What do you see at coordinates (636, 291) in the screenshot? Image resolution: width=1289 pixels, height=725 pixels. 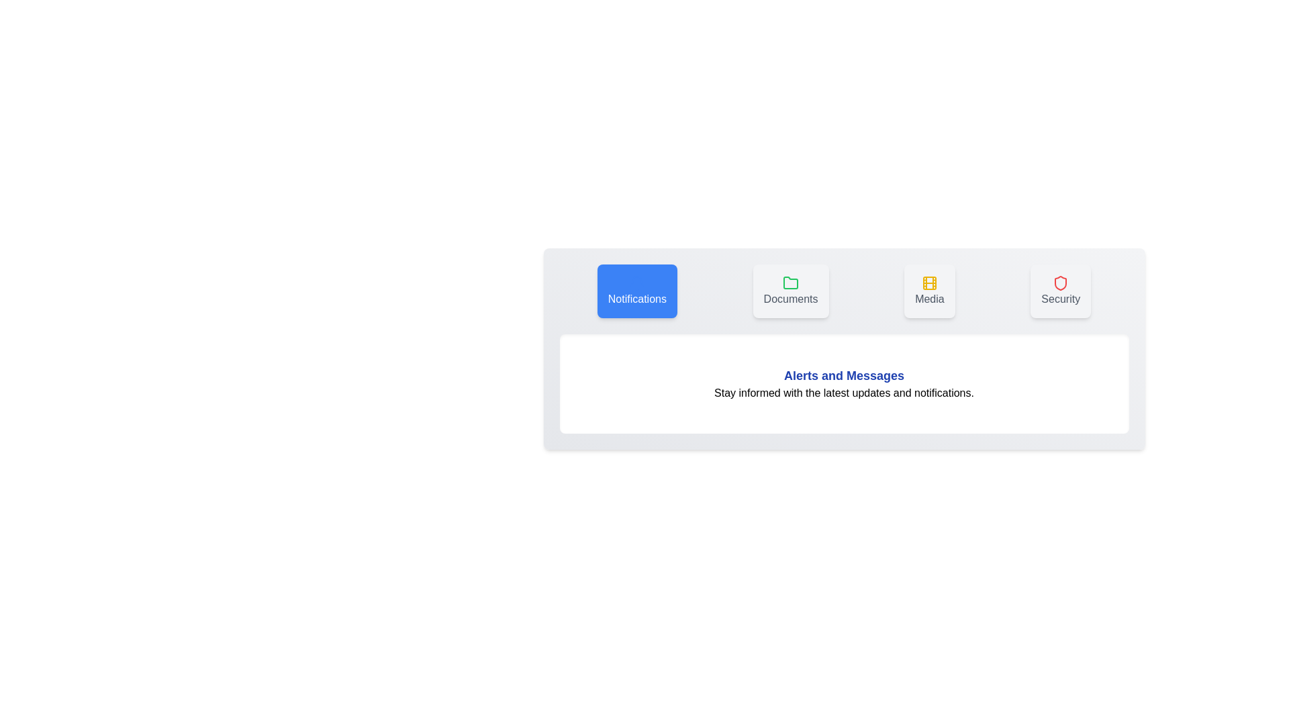 I see `the tab corresponding to Notifications to inspect its icon` at bounding box center [636, 291].